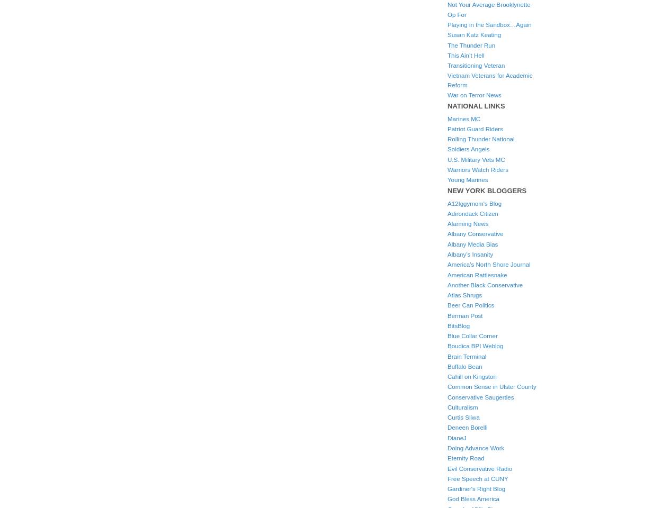  Describe the element at coordinates (462, 406) in the screenshot. I see `'Culturalism'` at that location.